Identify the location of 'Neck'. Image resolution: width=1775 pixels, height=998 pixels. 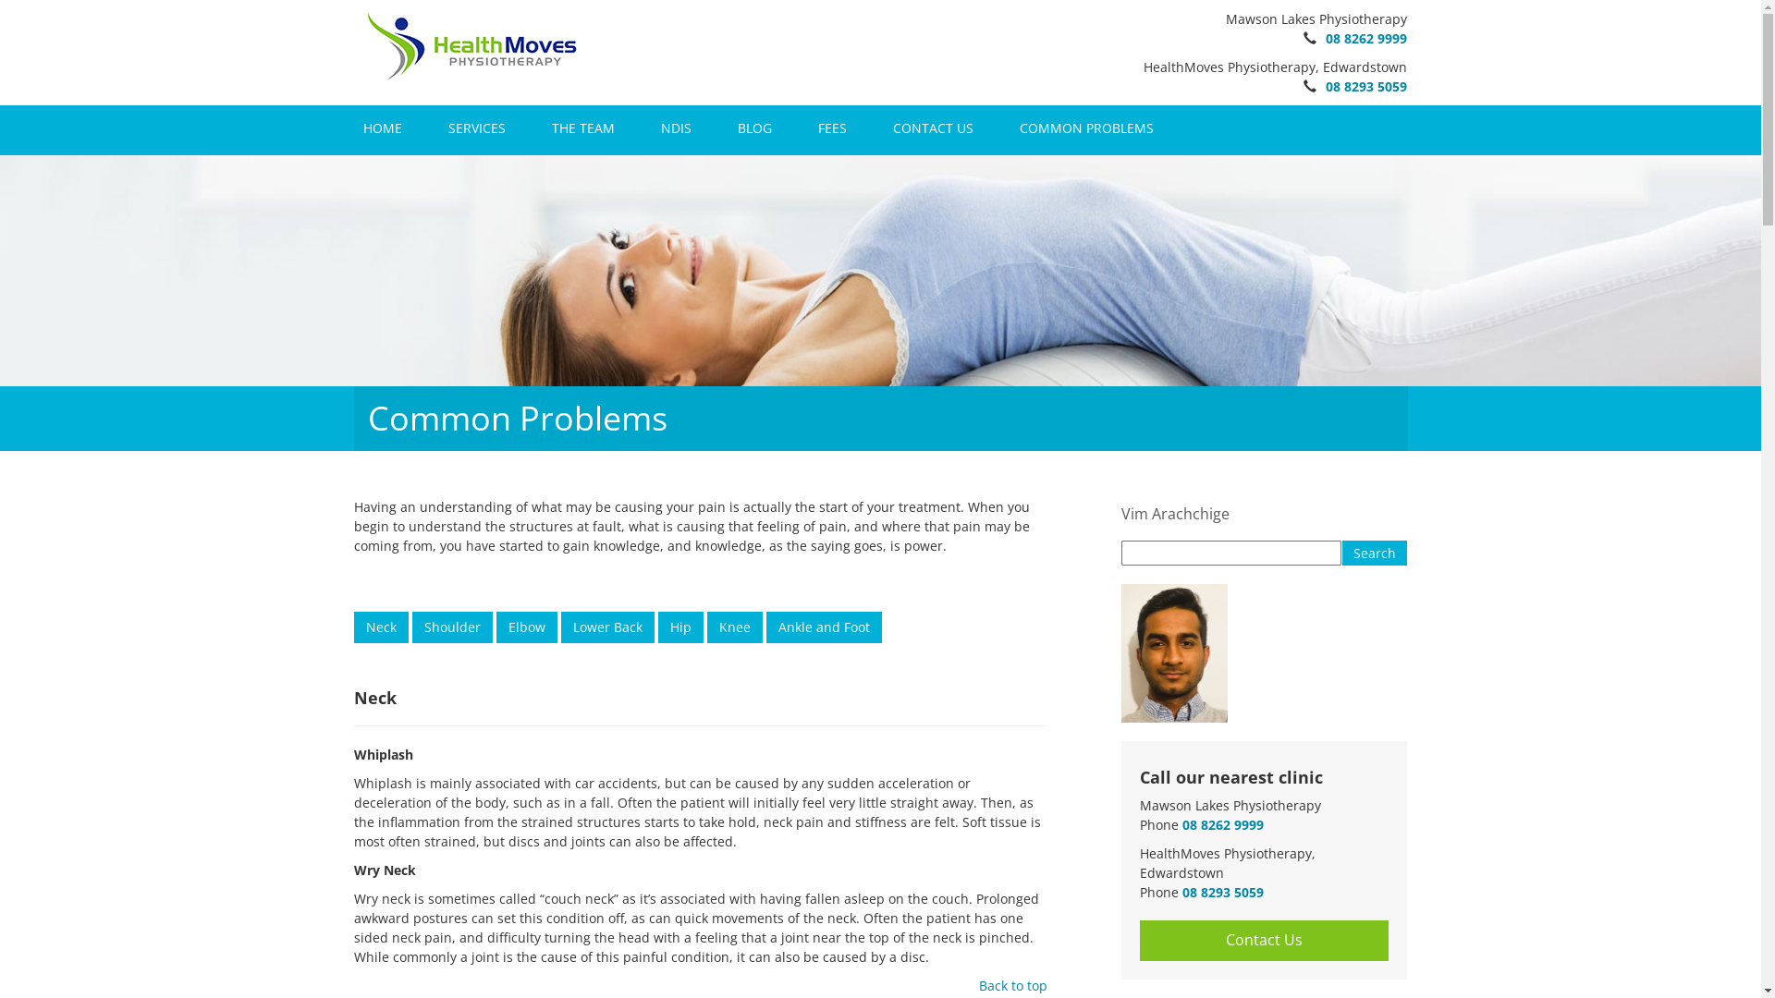
(379, 615).